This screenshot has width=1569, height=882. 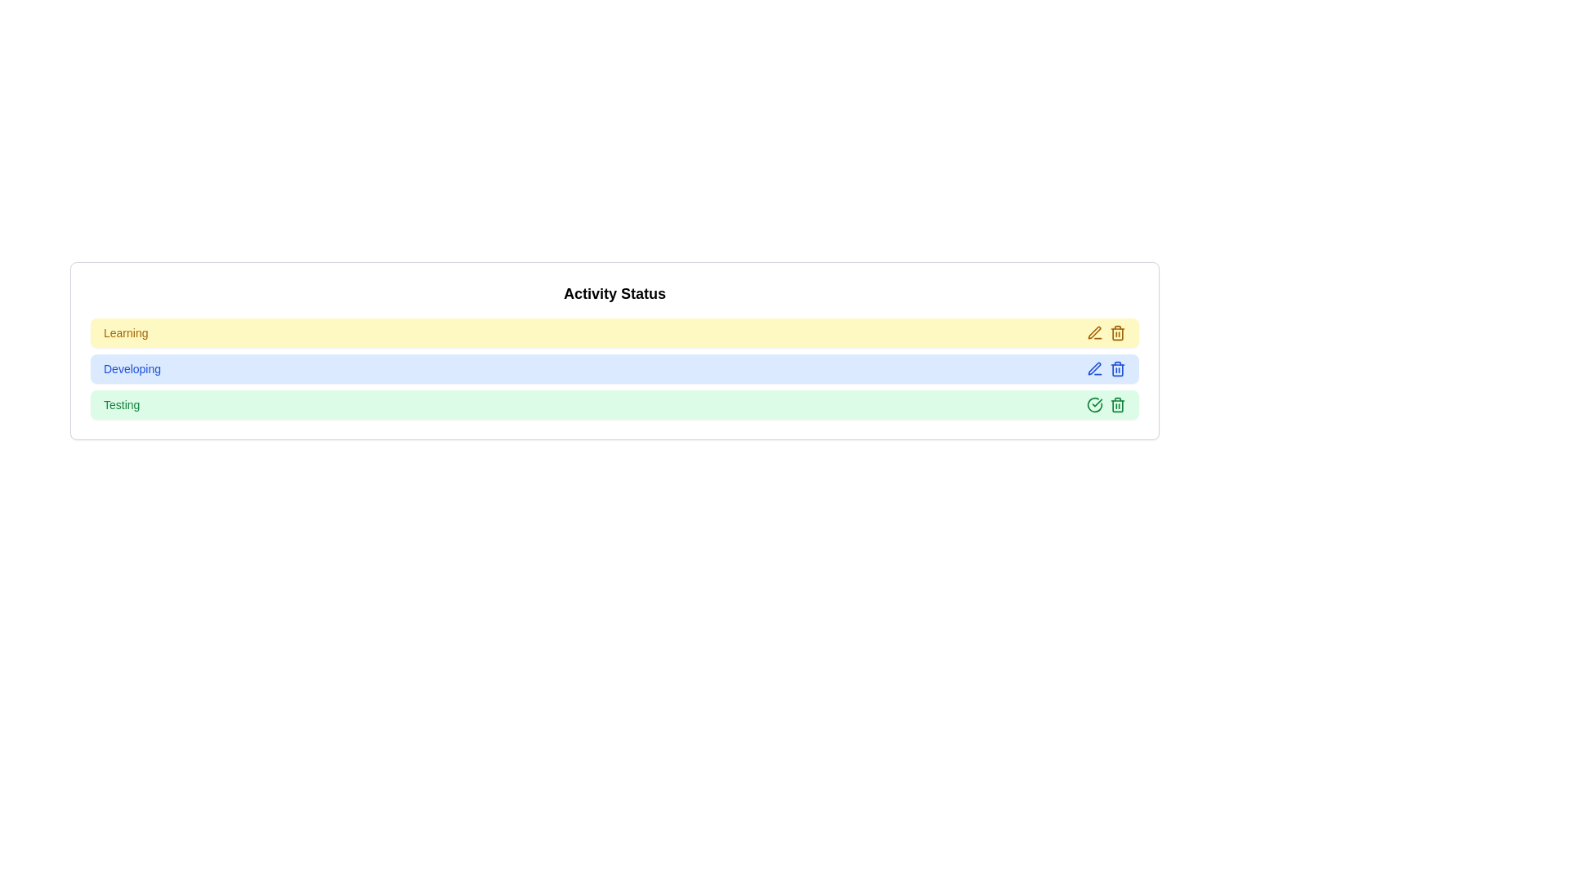 I want to click on trash icon for the item labeled 'Developing' to delete it, so click(x=1117, y=368).